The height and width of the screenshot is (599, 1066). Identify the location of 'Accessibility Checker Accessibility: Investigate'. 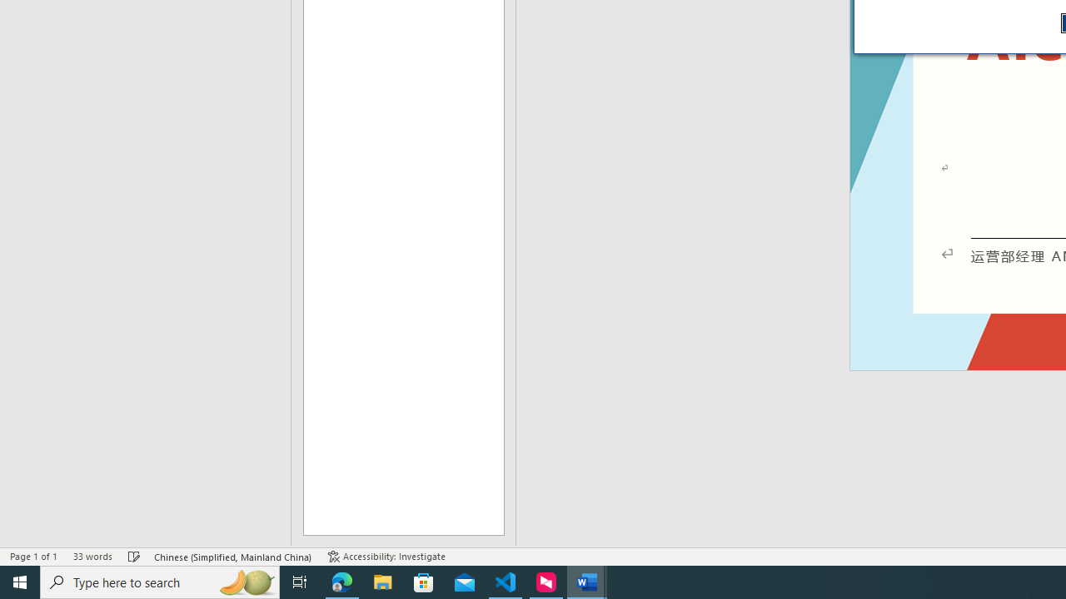
(386, 557).